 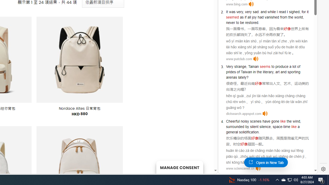 What do you see at coordinates (249, 17) in the screenshot?
I see `'all'` at bounding box center [249, 17].